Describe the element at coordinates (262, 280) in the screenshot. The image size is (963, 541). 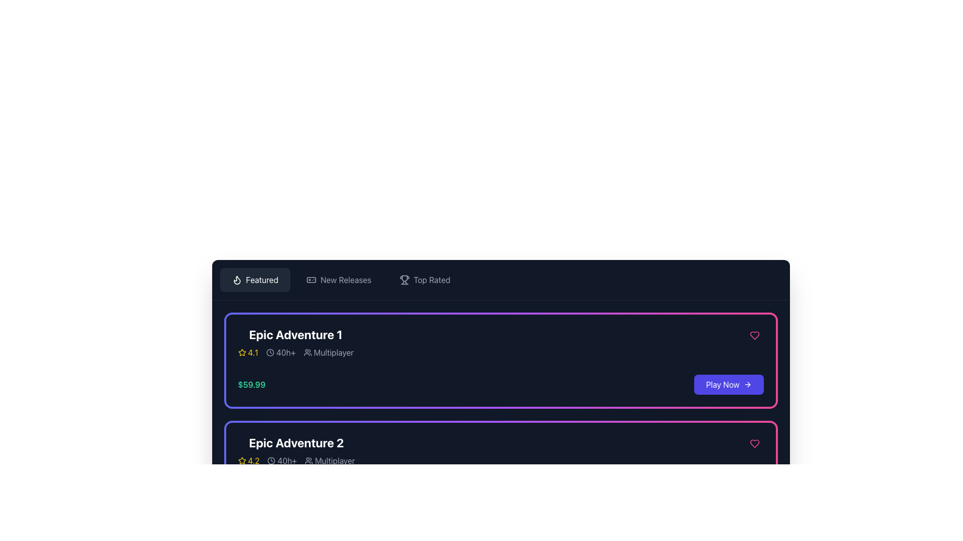
I see `the 'Featured' text label in the top-left corner of the navigation bar` at that location.